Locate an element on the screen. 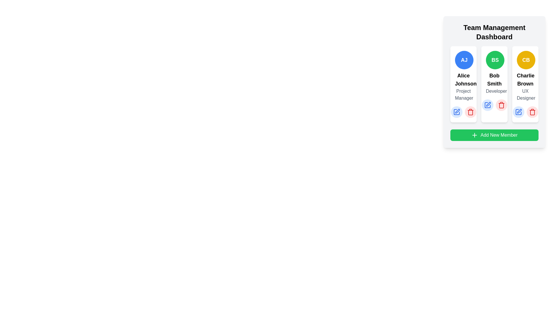 This screenshot has width=555, height=312. the static text label displaying 'UX Designer', which is styled with gray font color and centered alignment, located below 'Charlie Brown' in the user profile card is located at coordinates (525, 94).